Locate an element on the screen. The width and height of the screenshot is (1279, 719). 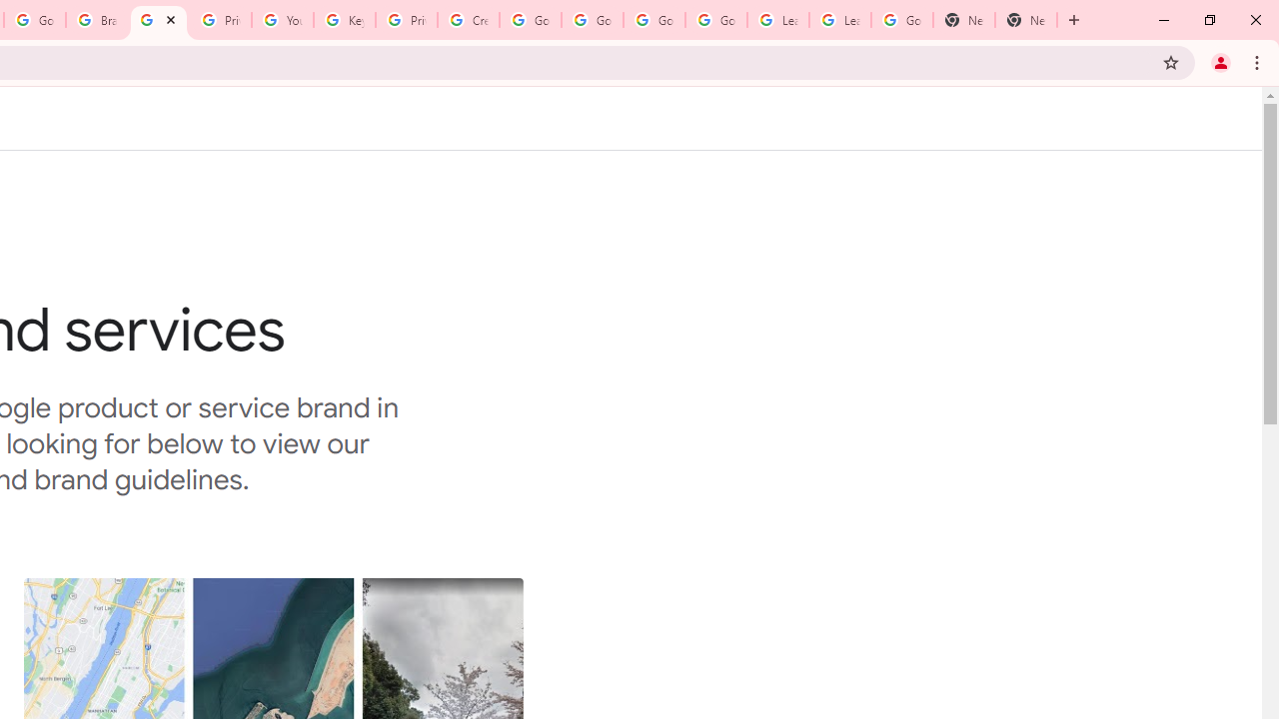
'Google Account Help' is located at coordinates (531, 20).